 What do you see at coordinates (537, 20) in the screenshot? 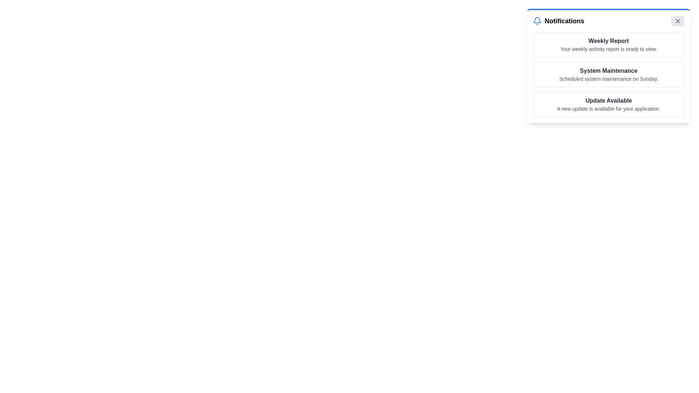
I see `the notification icon to inspect it` at bounding box center [537, 20].